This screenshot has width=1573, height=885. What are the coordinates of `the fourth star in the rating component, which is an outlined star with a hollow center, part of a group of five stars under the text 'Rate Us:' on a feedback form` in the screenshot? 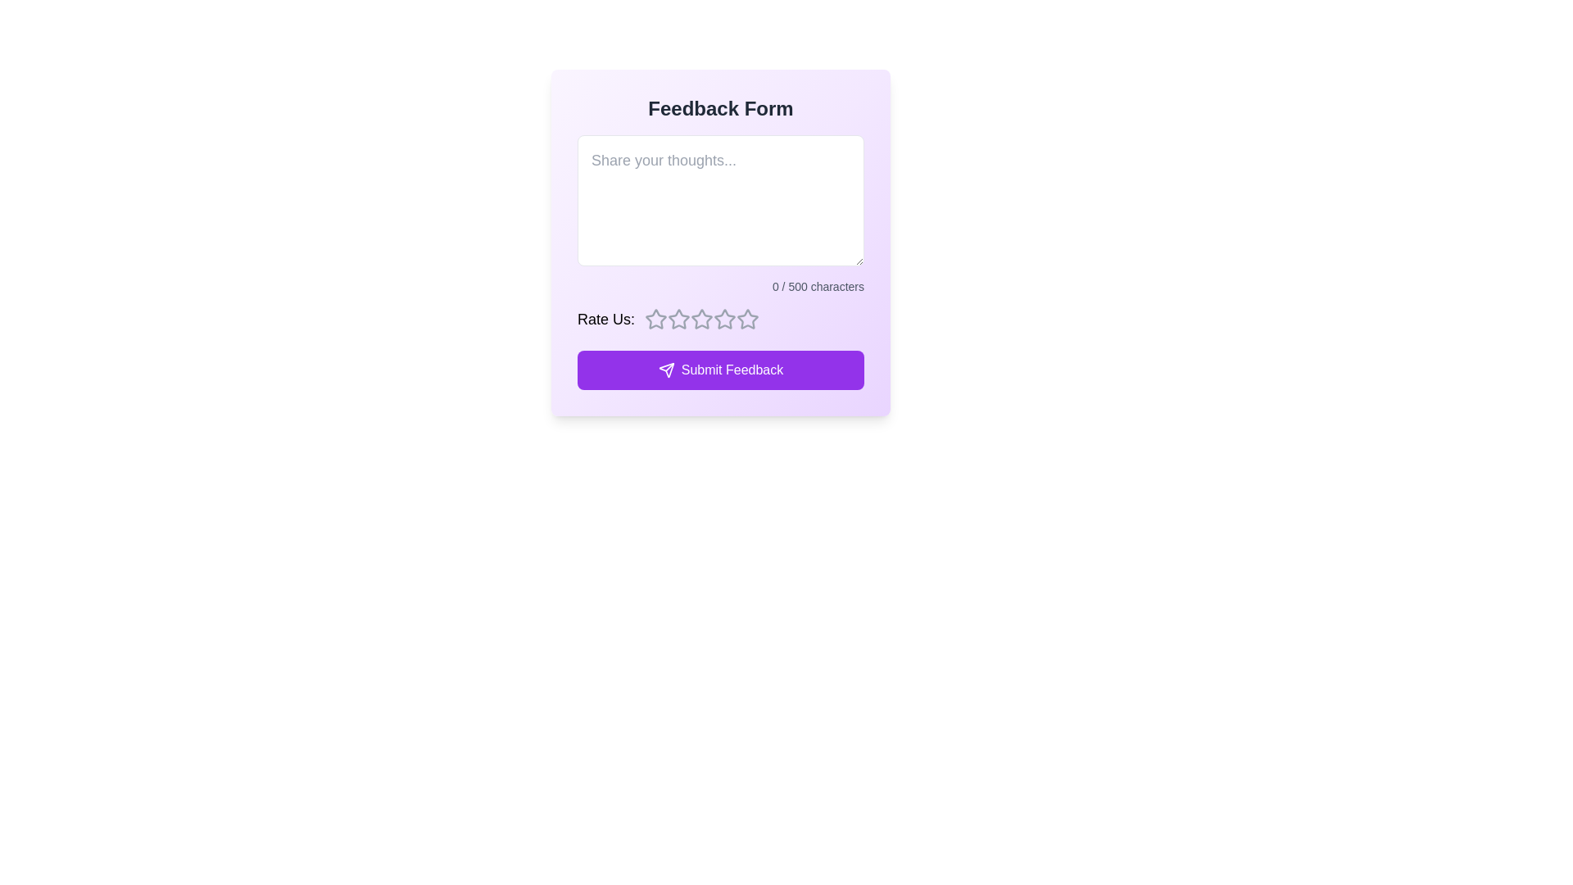 It's located at (746, 319).